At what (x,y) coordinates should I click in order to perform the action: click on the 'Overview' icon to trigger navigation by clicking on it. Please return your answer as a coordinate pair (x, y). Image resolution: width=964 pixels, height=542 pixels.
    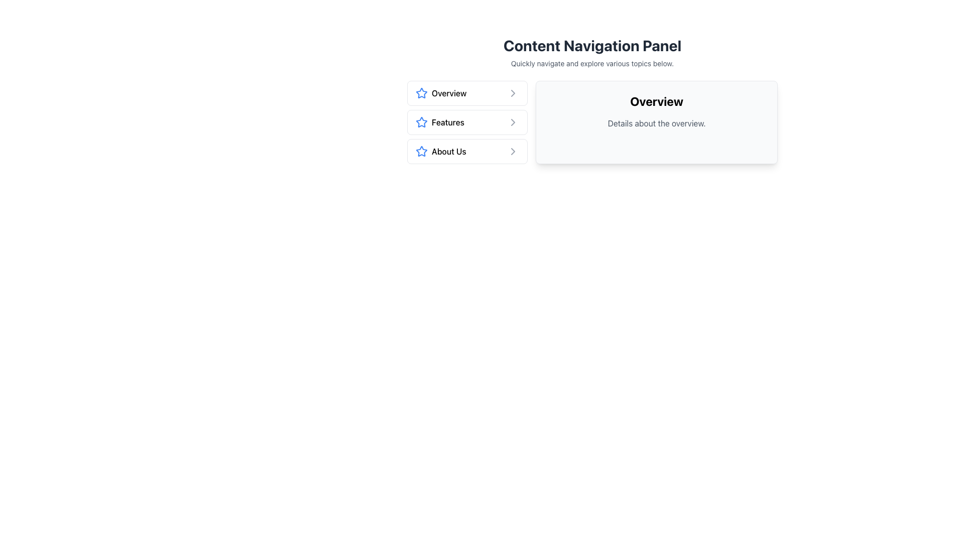
    Looking at the image, I should click on (422, 93).